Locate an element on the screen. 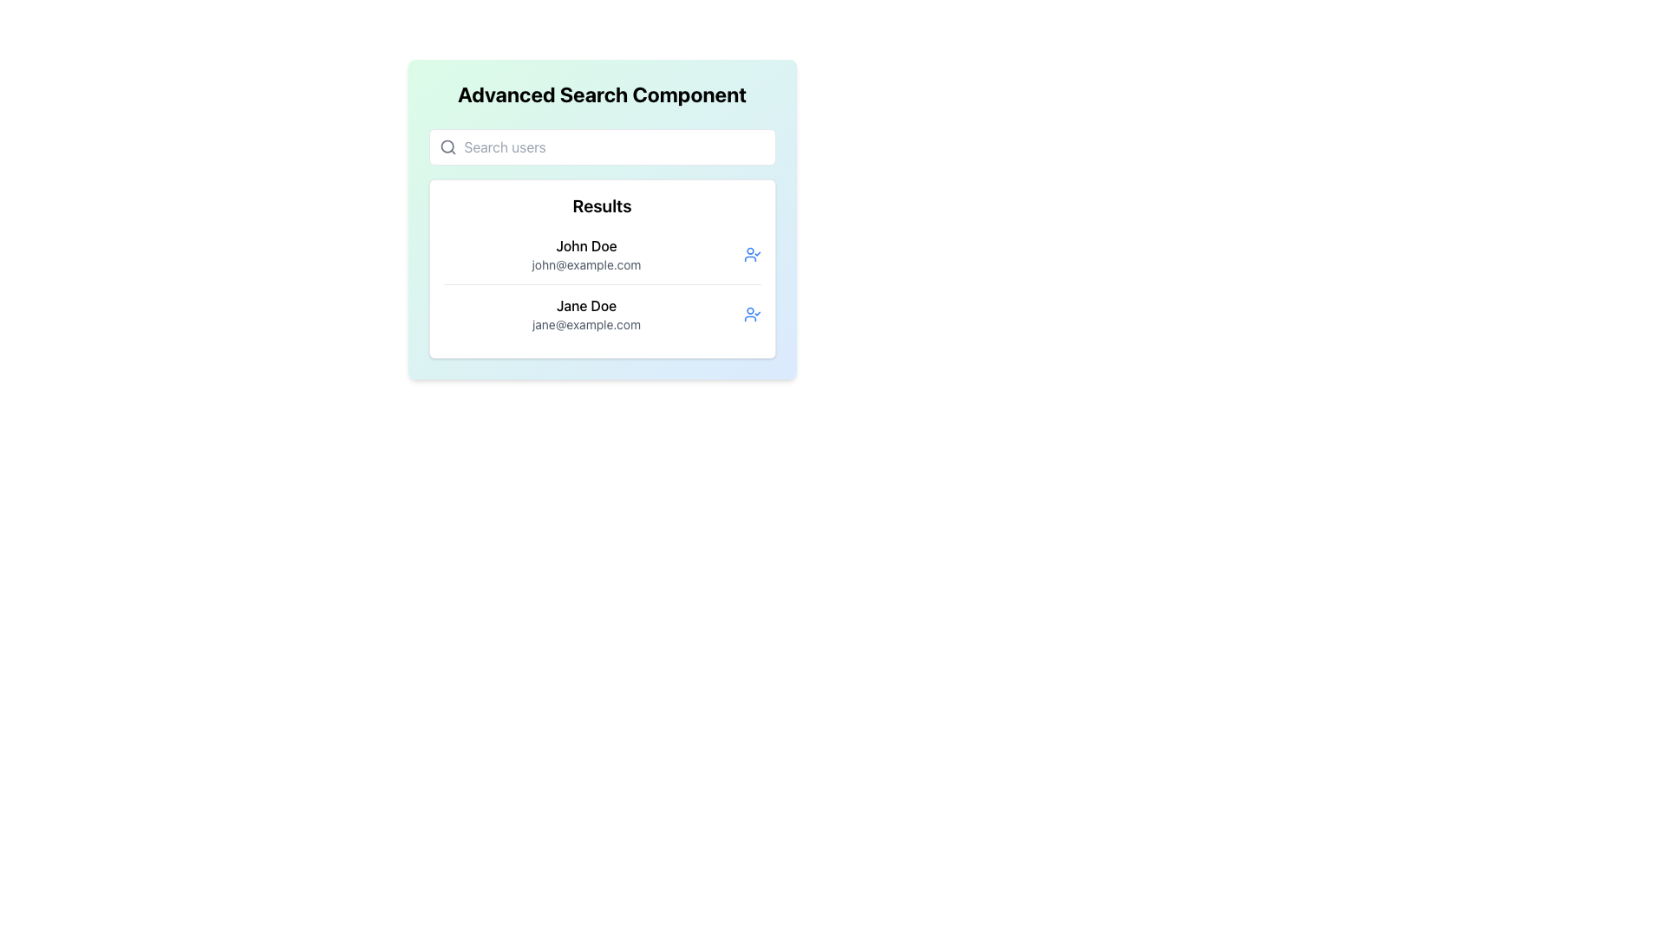 This screenshot has height=936, width=1665. the Text Label that serves as a section header indicating the content or purpose of the below-listed items, which is centrally positioned at the upper section of the card is located at coordinates (602, 205).